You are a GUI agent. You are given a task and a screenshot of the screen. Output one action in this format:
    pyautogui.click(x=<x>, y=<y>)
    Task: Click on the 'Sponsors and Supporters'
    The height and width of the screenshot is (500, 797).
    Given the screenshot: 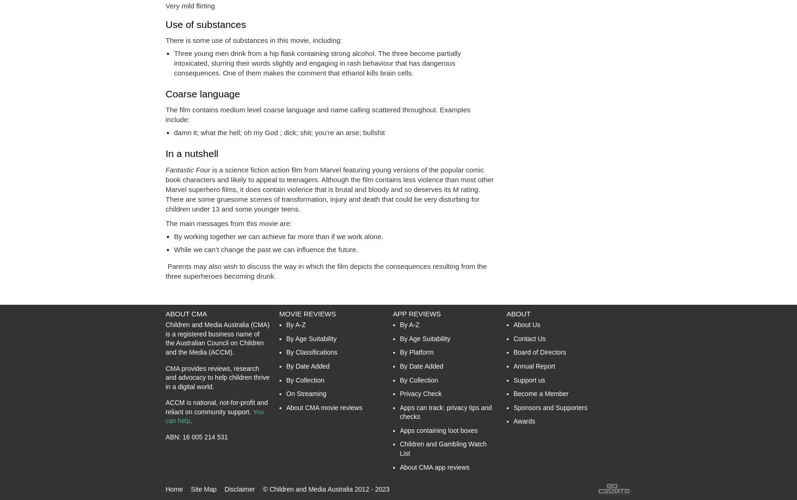 What is the action you would take?
    pyautogui.click(x=550, y=406)
    